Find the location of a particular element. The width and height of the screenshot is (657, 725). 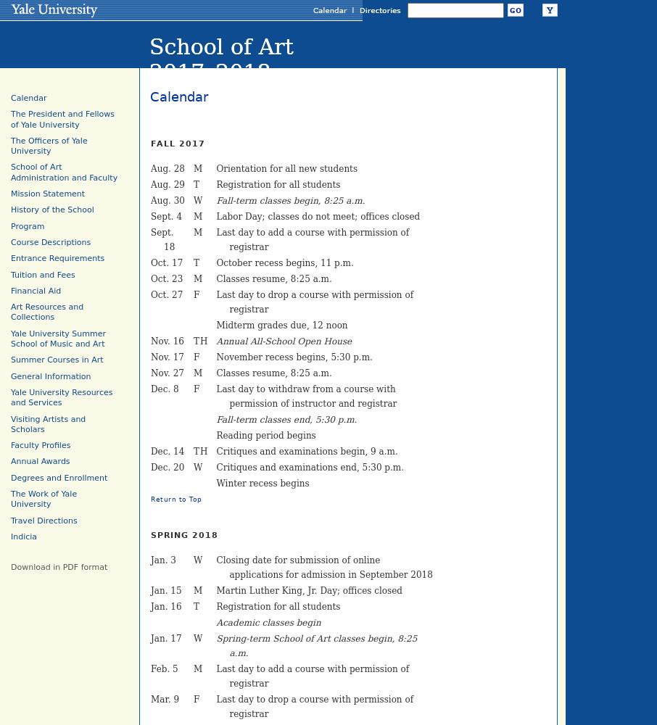

'F' is located at coordinates (197, 357).